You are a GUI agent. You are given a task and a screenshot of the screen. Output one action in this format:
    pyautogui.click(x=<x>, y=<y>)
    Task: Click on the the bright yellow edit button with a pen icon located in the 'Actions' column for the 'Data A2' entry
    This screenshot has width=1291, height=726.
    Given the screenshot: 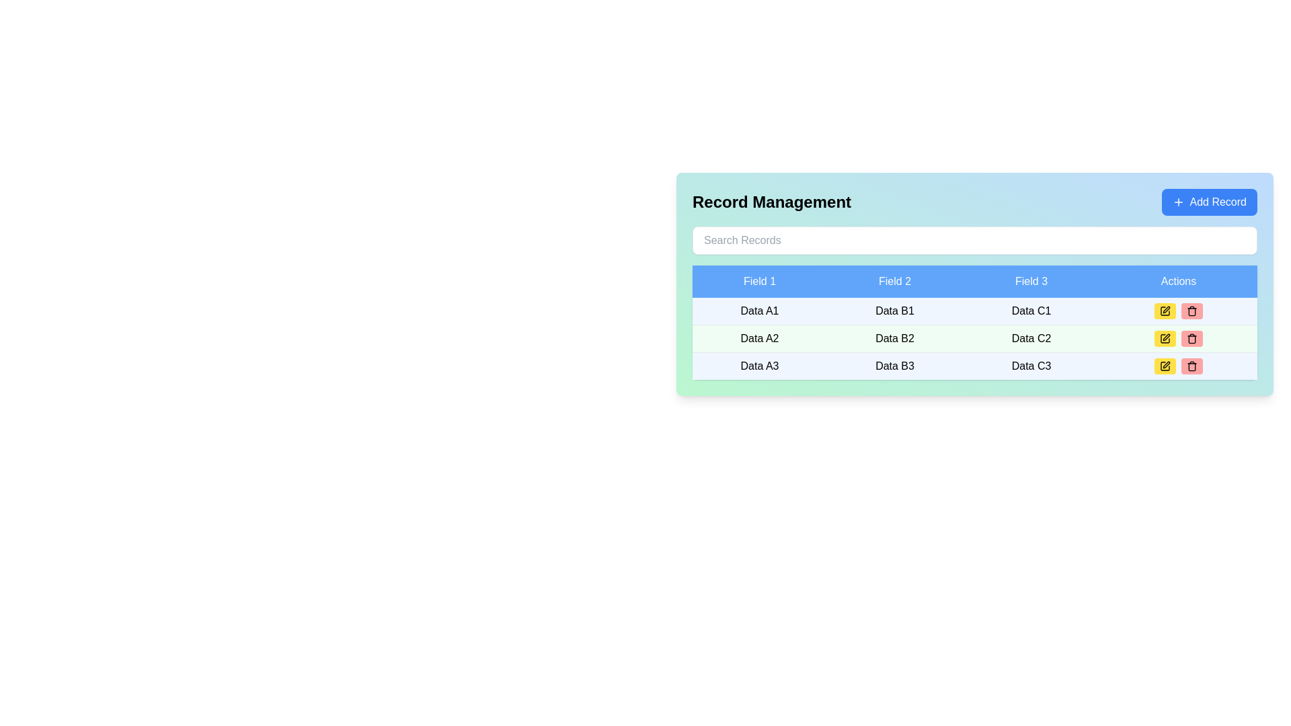 What is the action you would take?
    pyautogui.click(x=1164, y=338)
    